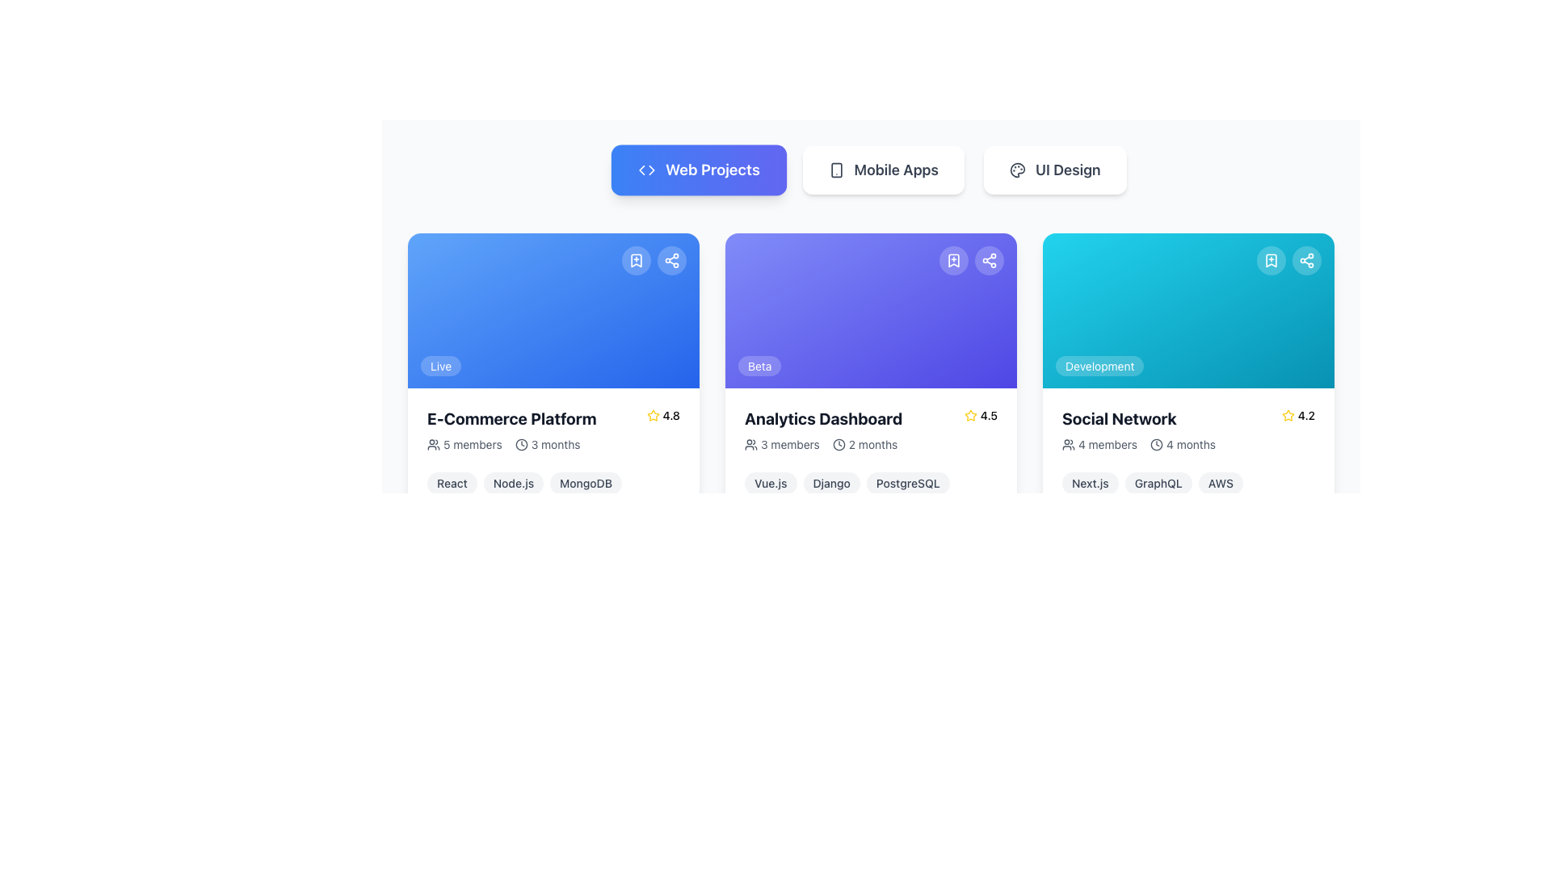  I want to click on the graphical icon representing multiple users, which is located to the left of the text '4 members' in the 'Social Network' card, so click(1069, 445).